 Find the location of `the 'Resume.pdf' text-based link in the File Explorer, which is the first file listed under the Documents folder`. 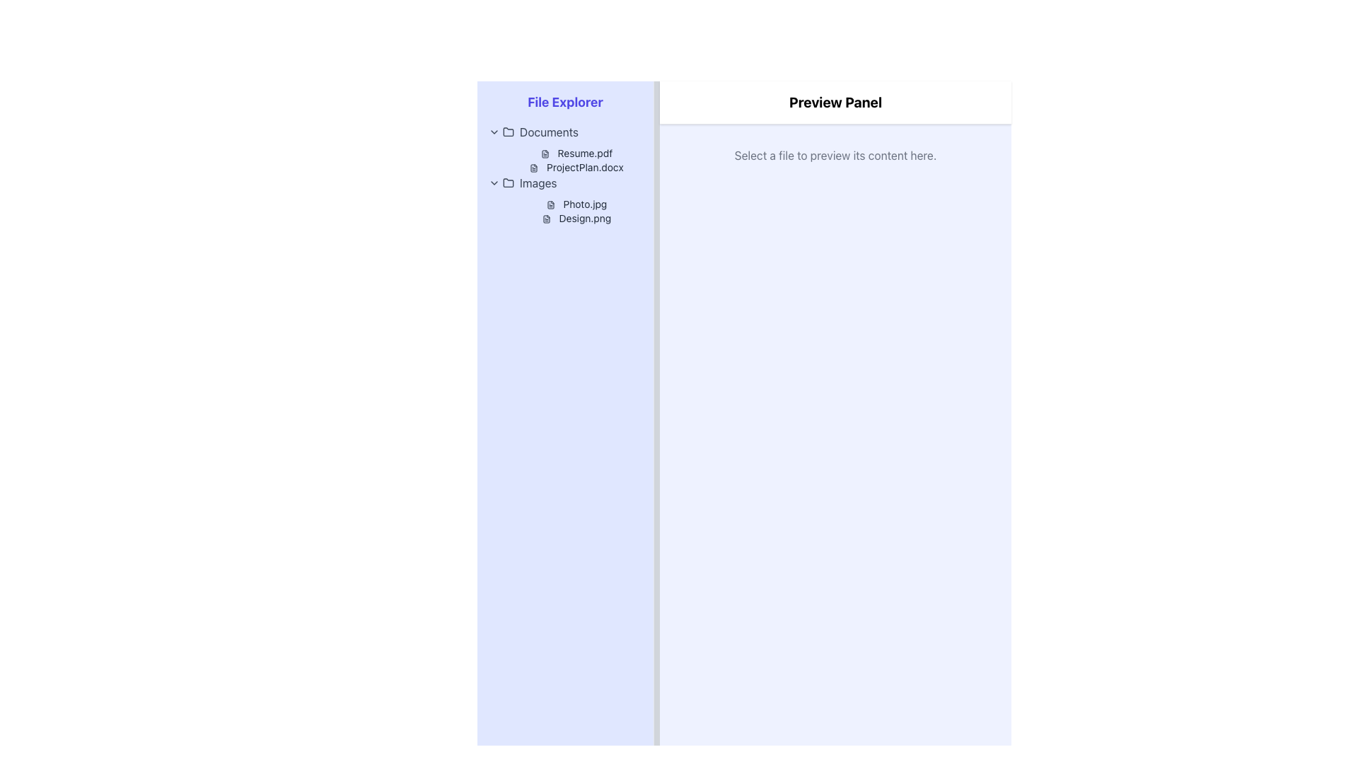

the 'Resume.pdf' text-based link in the File Explorer, which is the first file listed under the Documents folder is located at coordinates (576, 153).